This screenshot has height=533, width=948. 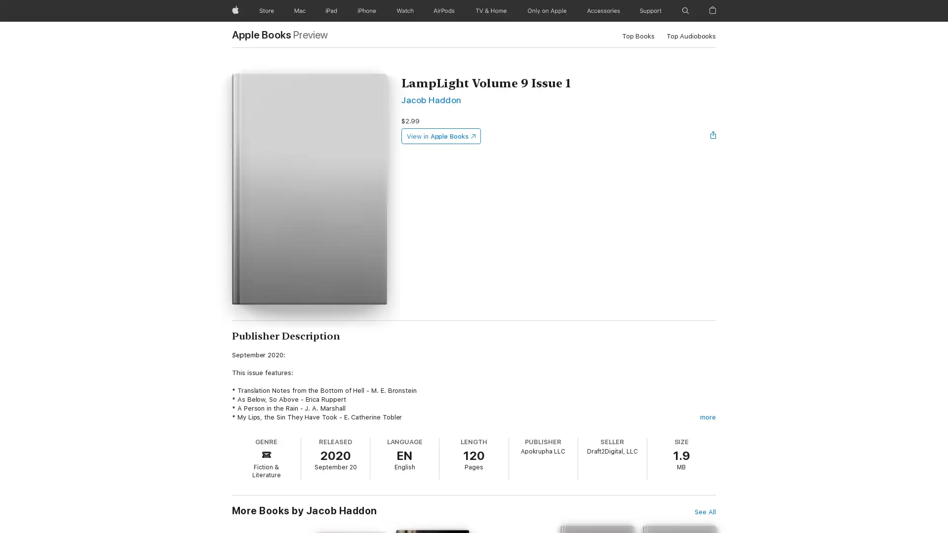 What do you see at coordinates (708, 417) in the screenshot?
I see `more` at bounding box center [708, 417].